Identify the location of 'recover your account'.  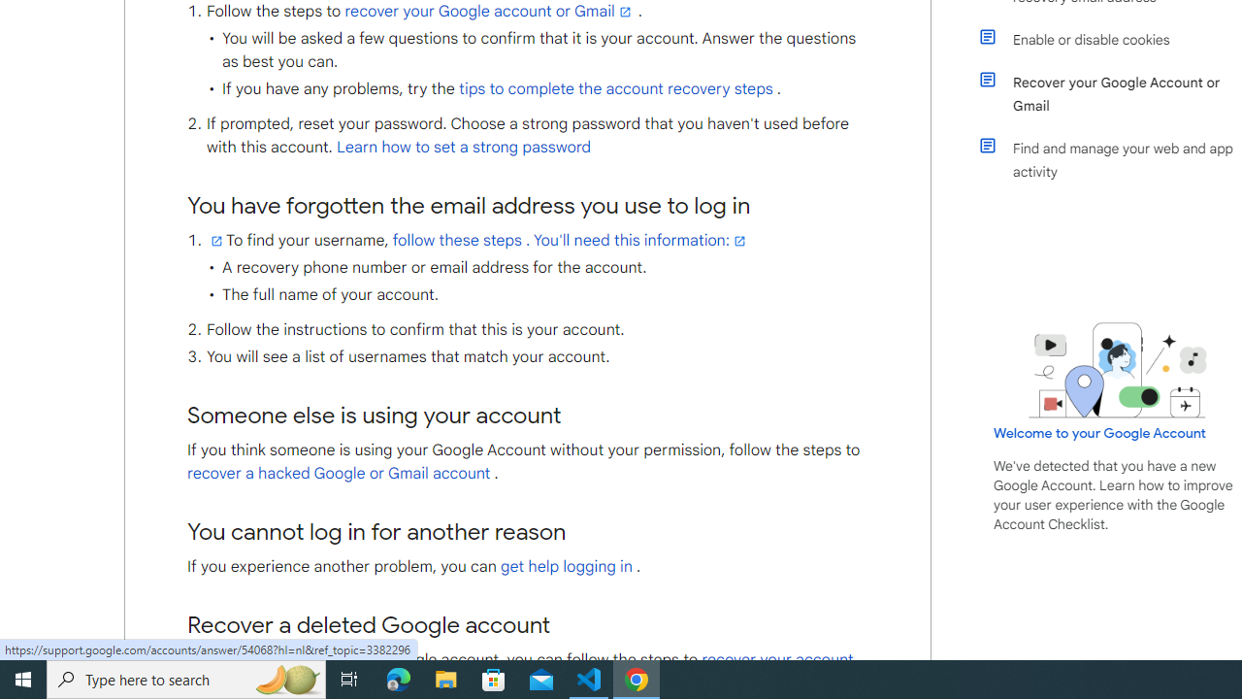
(777, 659).